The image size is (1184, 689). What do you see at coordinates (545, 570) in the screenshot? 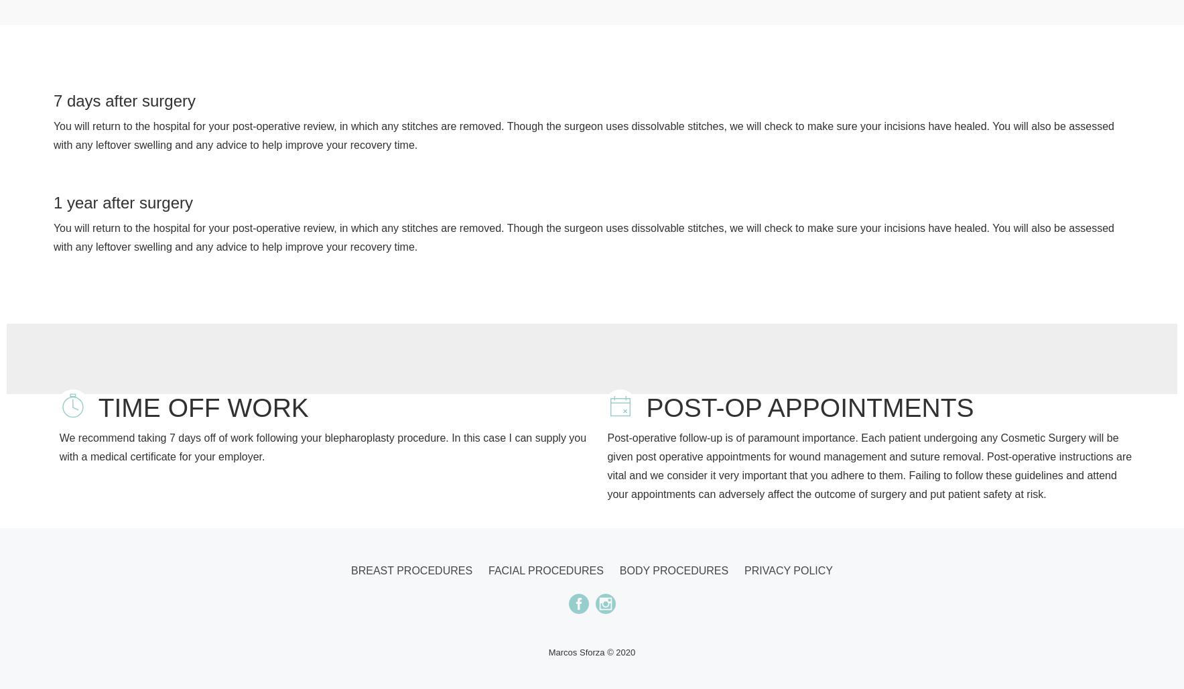
I see `'Facial procedures'` at bounding box center [545, 570].